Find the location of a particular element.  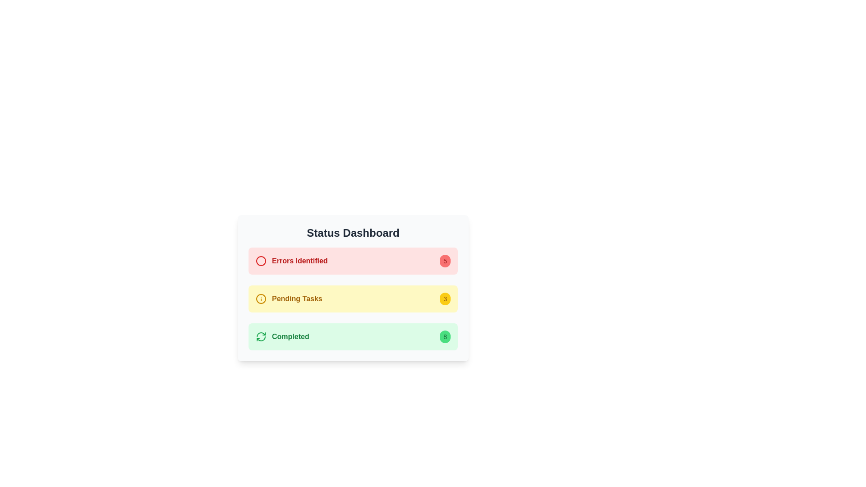

the information presented in the yellow Informational card labeled 'Pending Tasks' which displays the number '3' on the right side is located at coordinates (352, 288).